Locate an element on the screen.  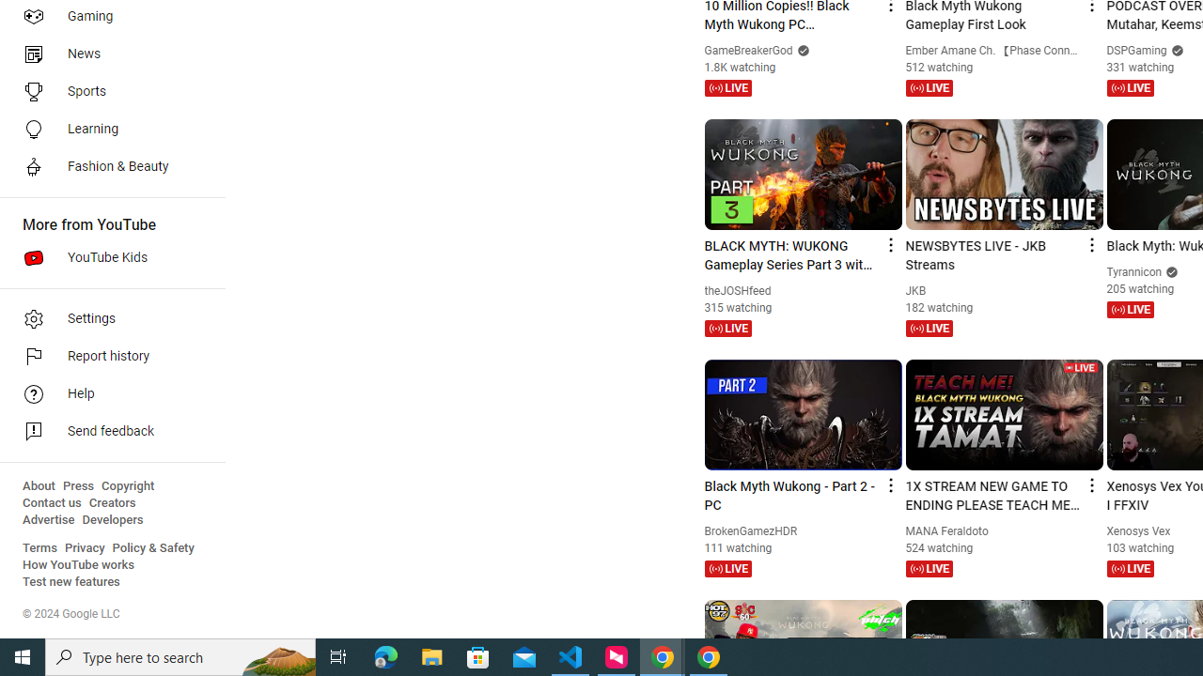
'Developers' is located at coordinates (112, 520).